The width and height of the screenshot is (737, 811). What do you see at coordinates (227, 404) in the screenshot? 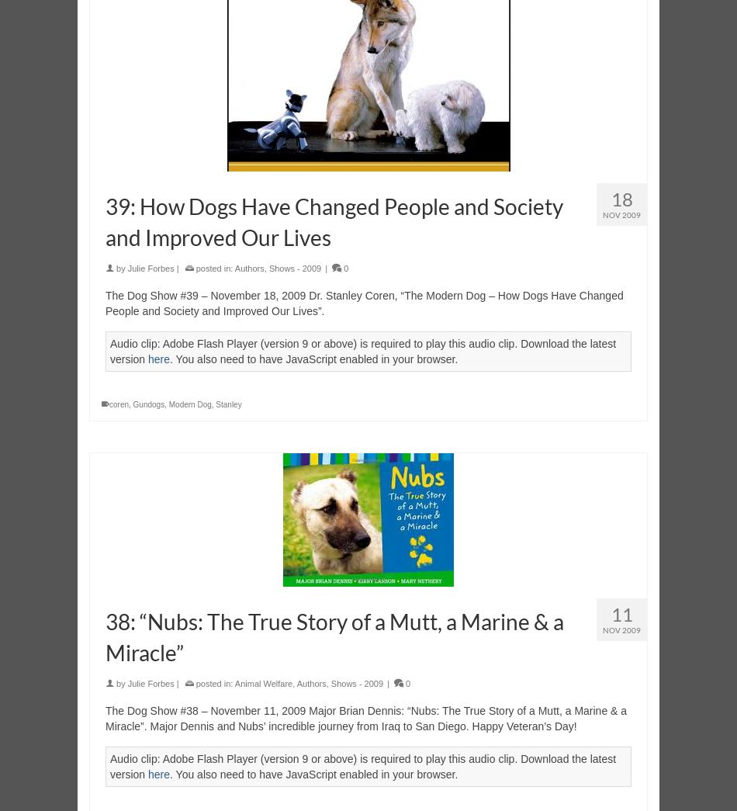
I see `'Stanley'` at bounding box center [227, 404].